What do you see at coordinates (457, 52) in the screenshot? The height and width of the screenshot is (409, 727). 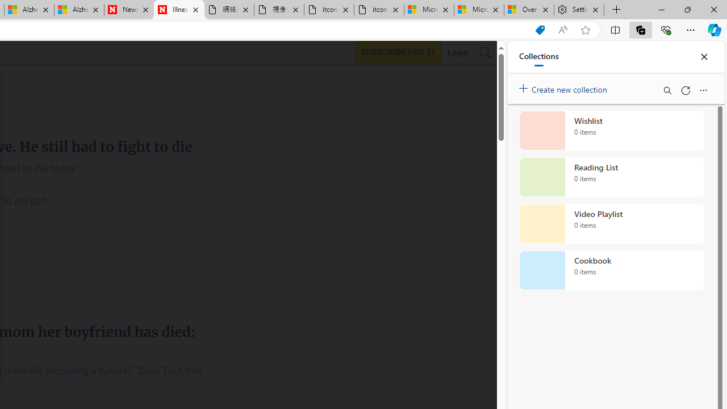 I see `'Login'` at bounding box center [457, 52].